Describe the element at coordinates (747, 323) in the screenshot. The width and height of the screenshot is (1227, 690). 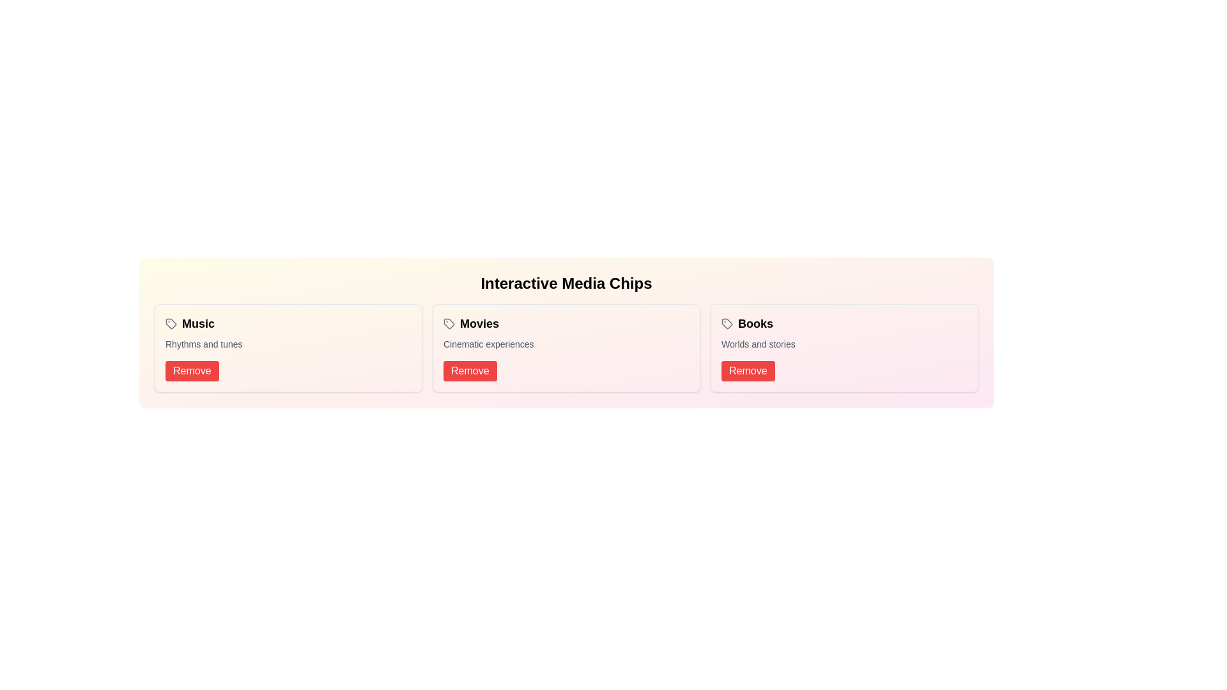
I see `the text content of the chip labeled Books` at that location.